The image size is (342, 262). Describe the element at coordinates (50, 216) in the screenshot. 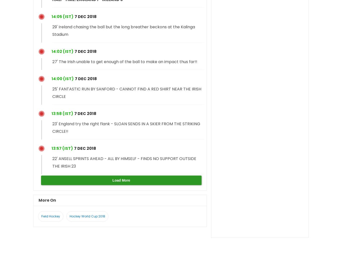

I see `'Field Hockey'` at that location.